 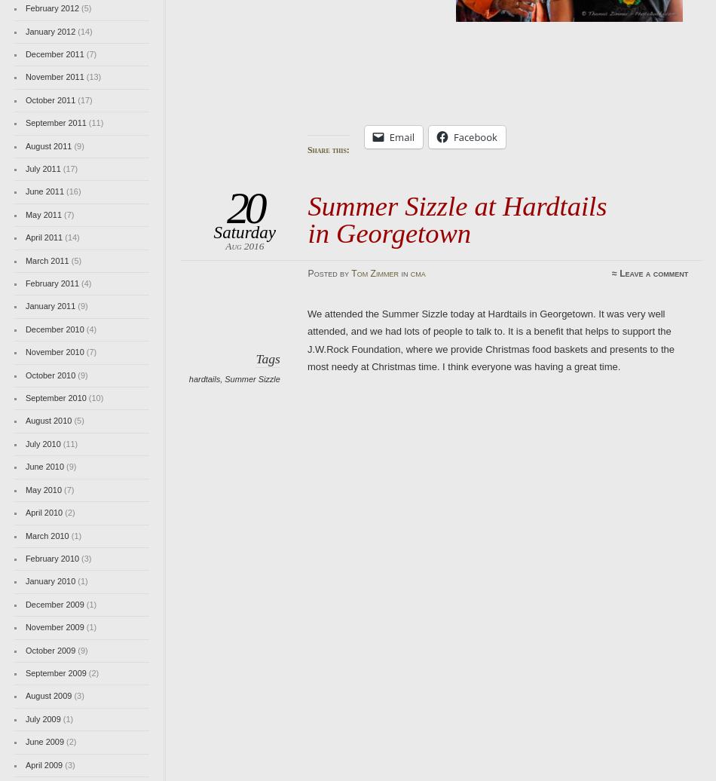 What do you see at coordinates (43, 489) in the screenshot?
I see `'May 2010'` at bounding box center [43, 489].